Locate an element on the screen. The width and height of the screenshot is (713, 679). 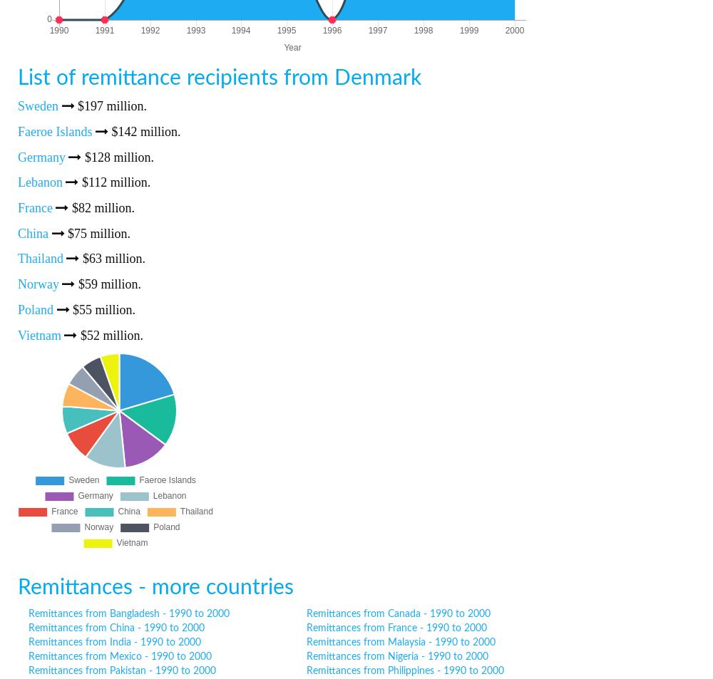
'List of remittance recipients from Denmark' is located at coordinates (220, 77).